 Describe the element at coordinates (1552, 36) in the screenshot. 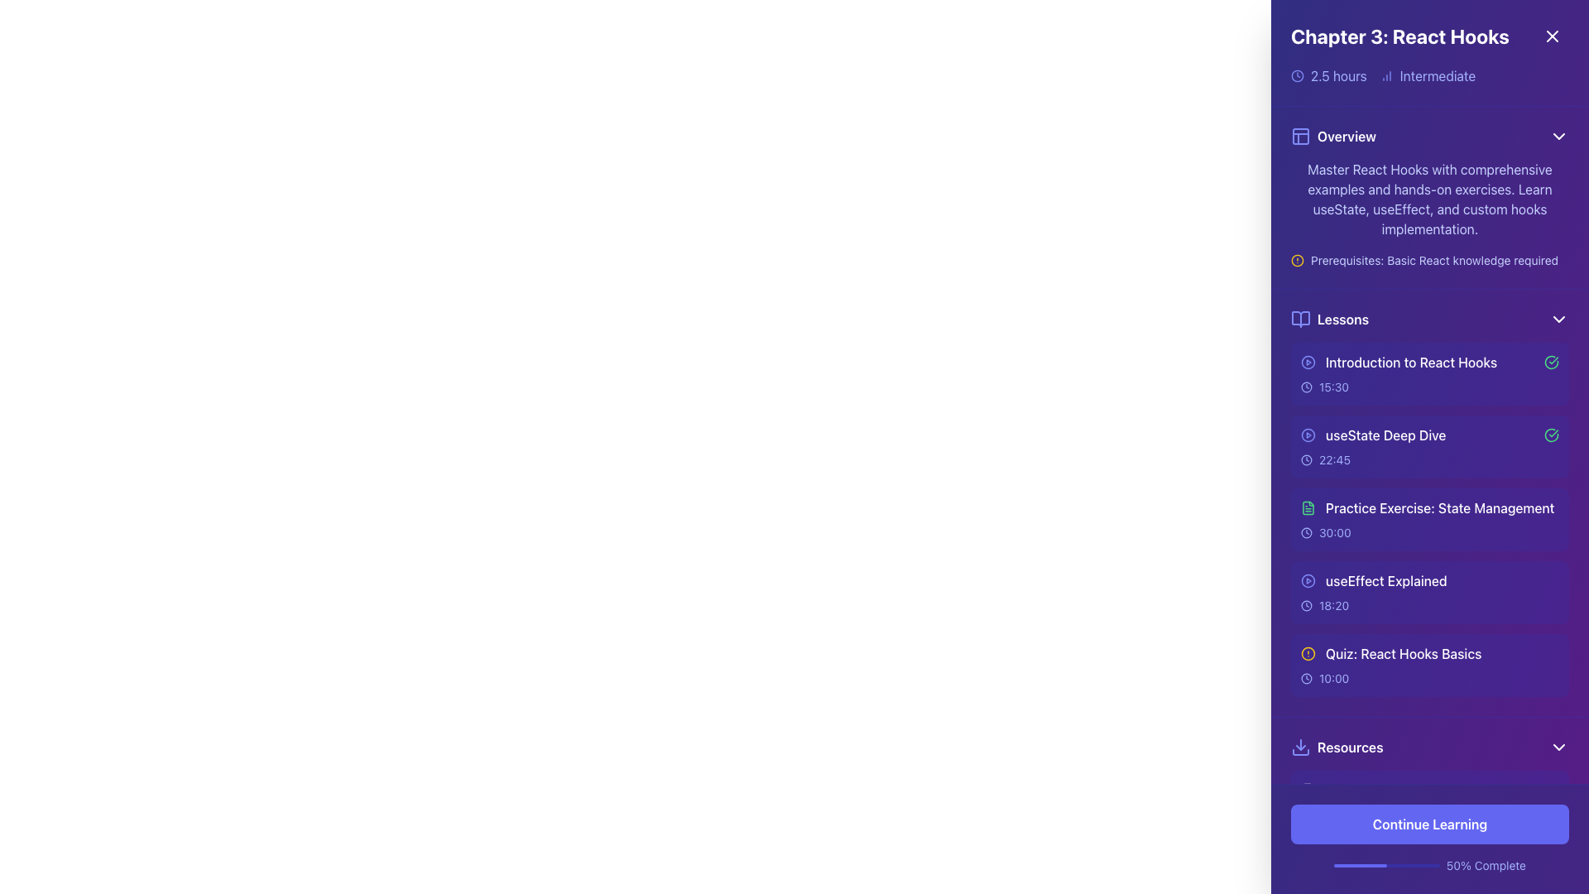

I see `the close button located at the top-right corner of the 'Chapter 3: React Hooks' section` at that location.